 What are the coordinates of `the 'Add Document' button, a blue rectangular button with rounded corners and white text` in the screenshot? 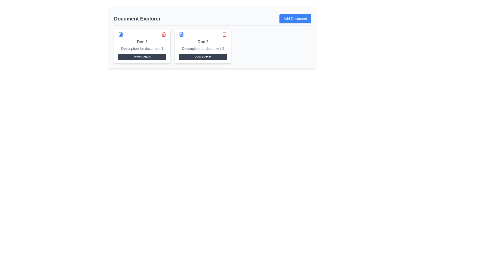 It's located at (295, 18).